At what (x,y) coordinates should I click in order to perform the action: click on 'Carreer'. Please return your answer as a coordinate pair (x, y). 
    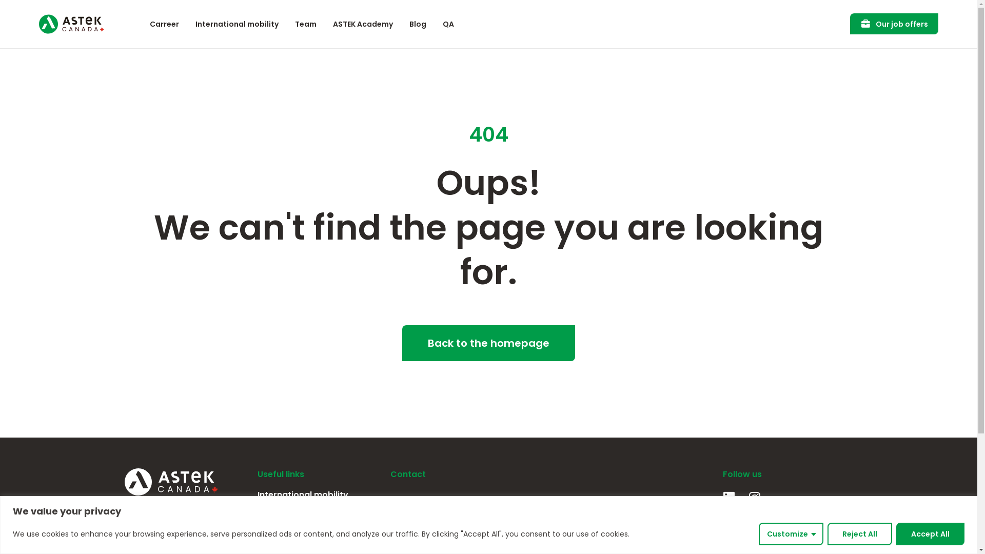
    Looking at the image, I should click on (164, 23).